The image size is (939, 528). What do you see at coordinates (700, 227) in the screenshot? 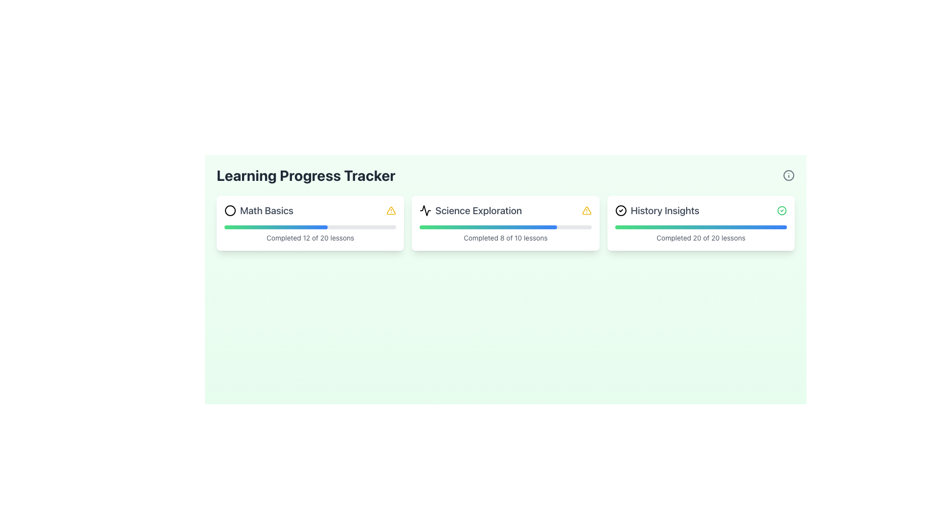
I see `the horizontal progress bar located at the bottom of the 'History Insights' card, which features a gradient color fill transitioning from green to blue` at bounding box center [700, 227].